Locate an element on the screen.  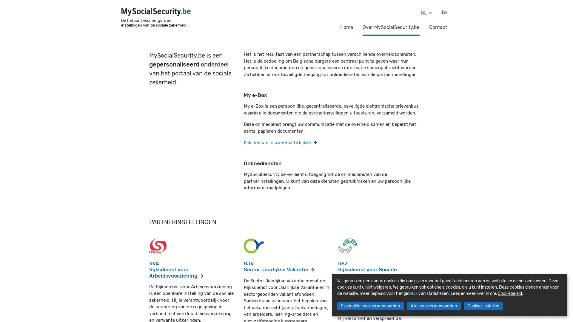
Essentiele cookies aanvaarden is located at coordinates (370, 306).